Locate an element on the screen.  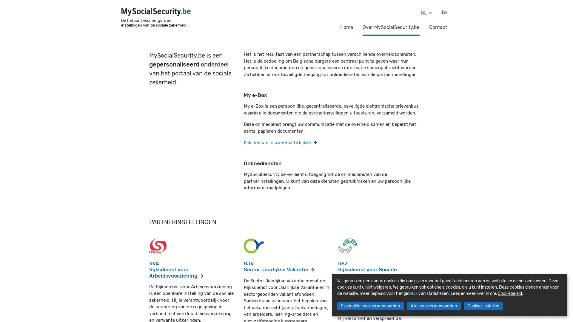
Essentiele cookies aanvaarden is located at coordinates (370, 306).